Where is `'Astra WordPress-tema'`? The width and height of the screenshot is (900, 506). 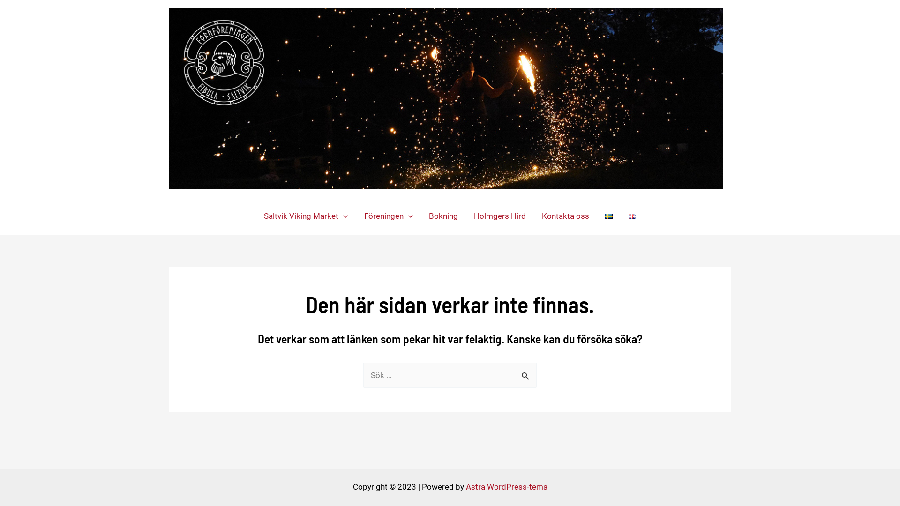
'Astra WordPress-tema' is located at coordinates (506, 486).